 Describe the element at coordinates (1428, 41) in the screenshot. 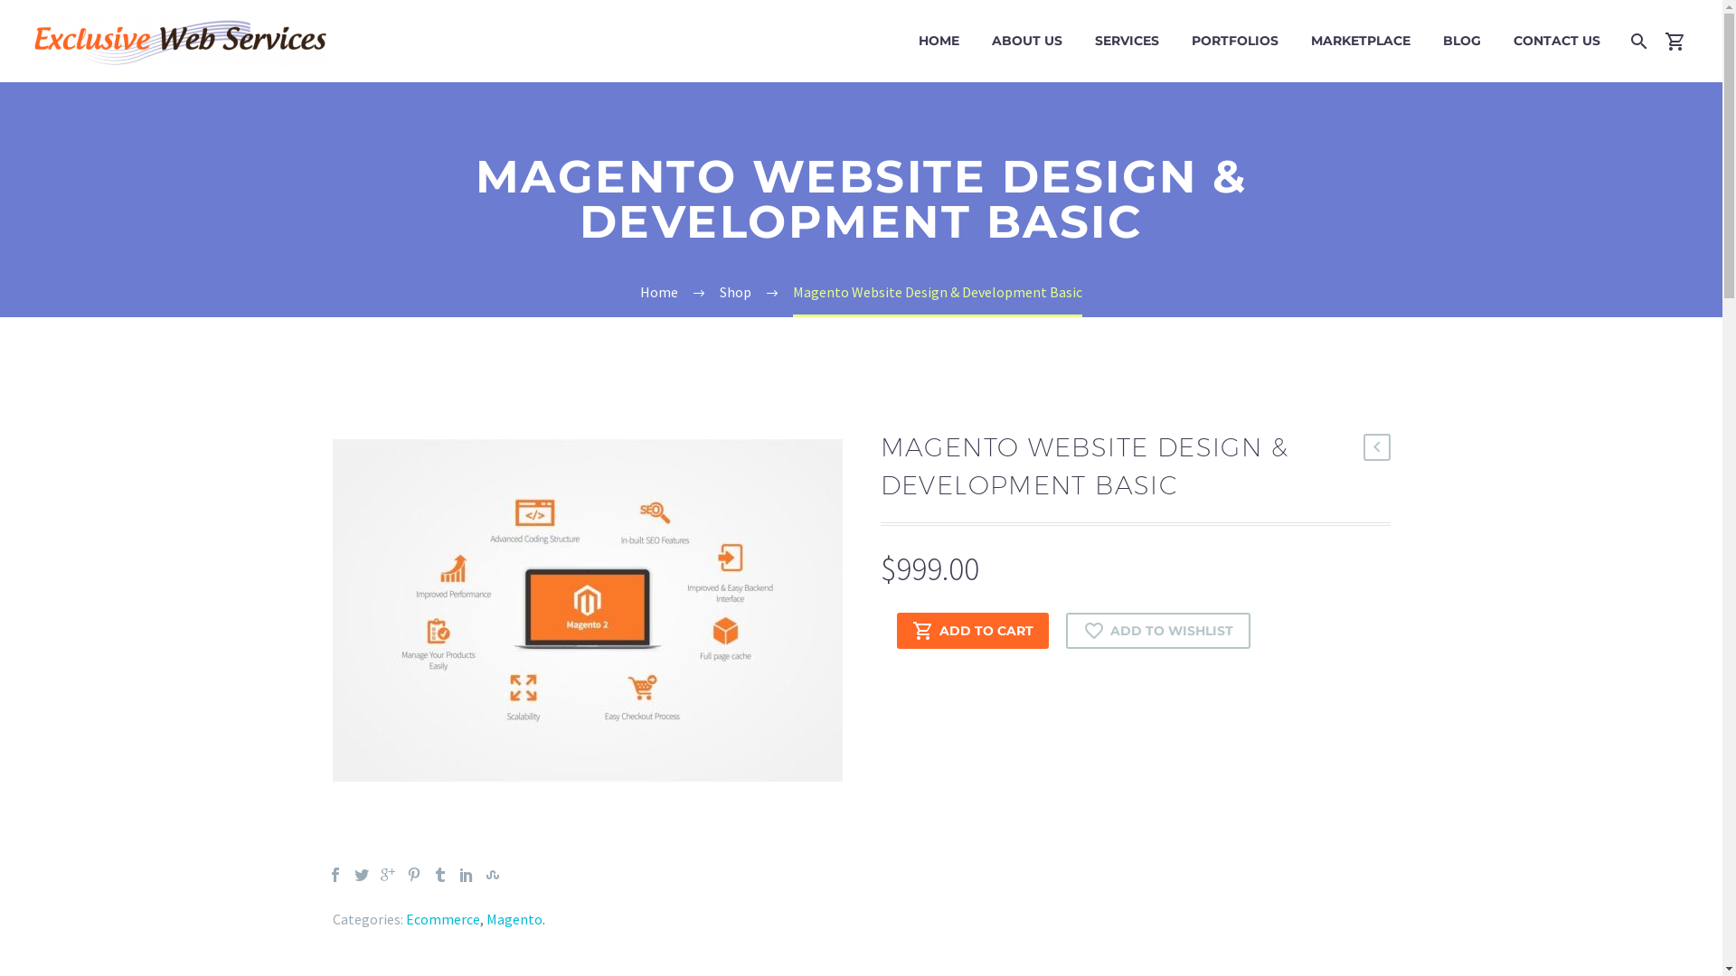

I see `'BLOG'` at that location.